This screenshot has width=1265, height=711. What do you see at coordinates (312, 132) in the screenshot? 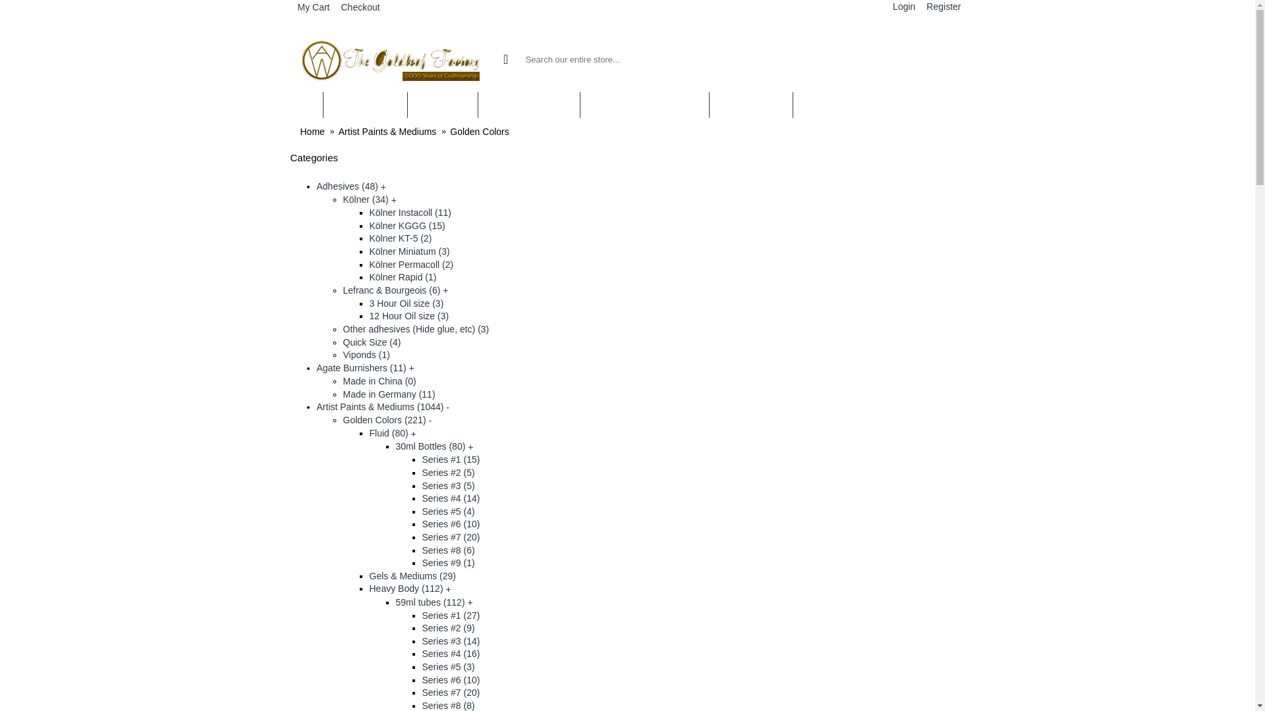
I see `'Home'` at bounding box center [312, 132].